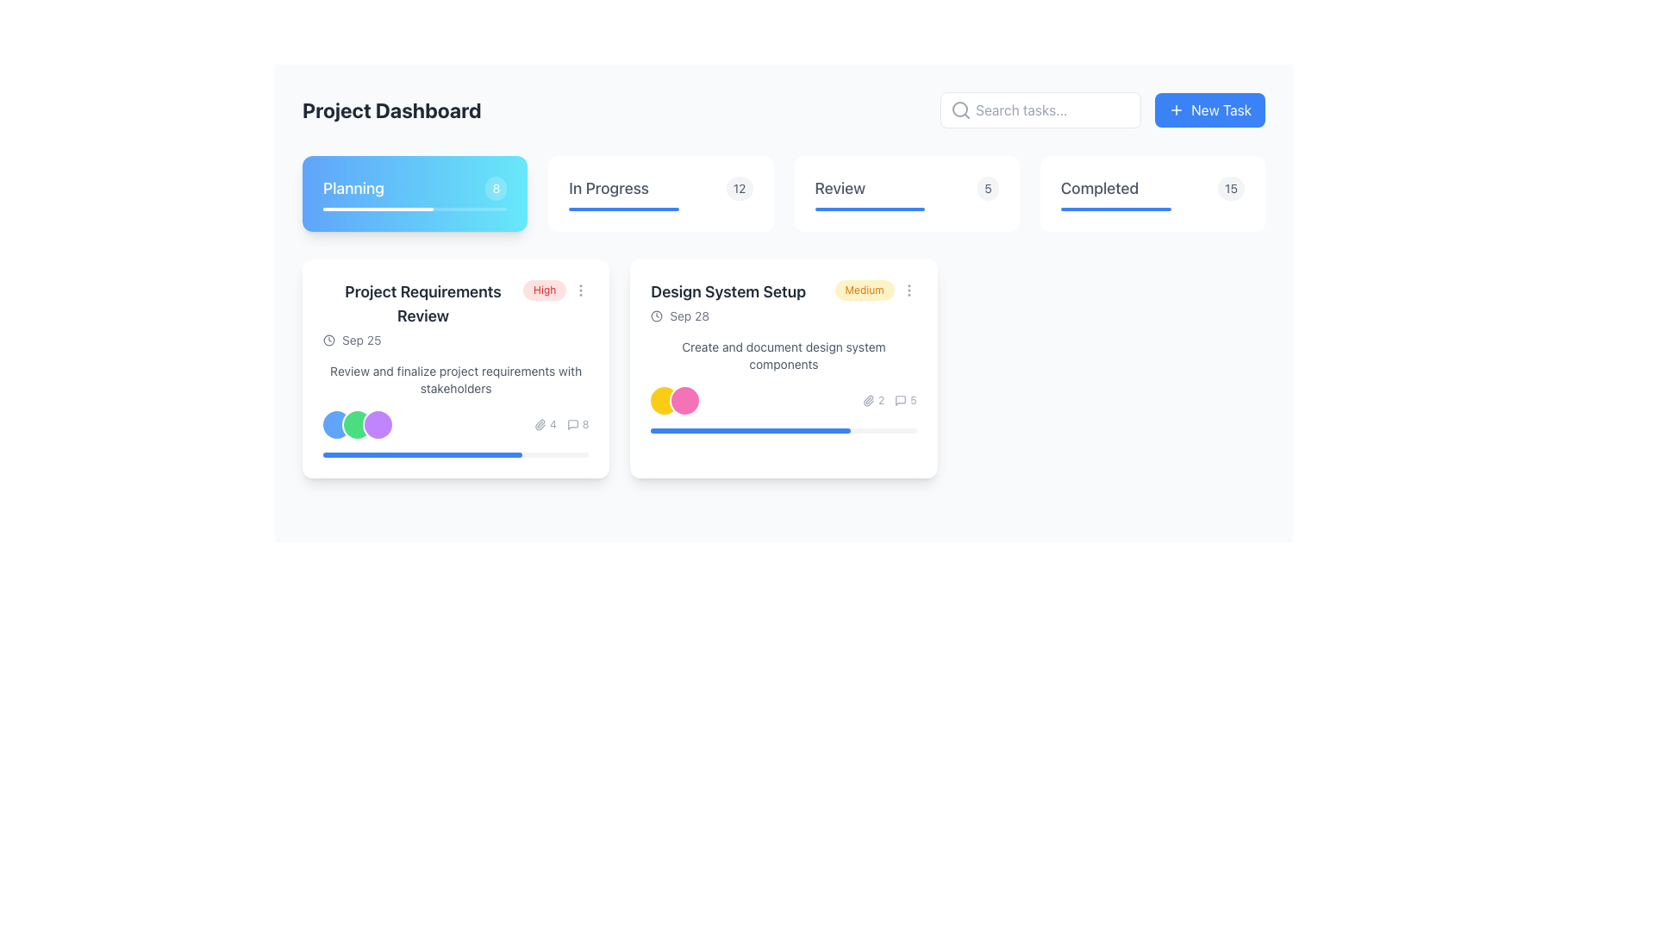 This screenshot has height=931, width=1655. I want to click on the Text Label that serves as the title for the card in the 'Planning' section, located at the top of the card, so click(423, 303).